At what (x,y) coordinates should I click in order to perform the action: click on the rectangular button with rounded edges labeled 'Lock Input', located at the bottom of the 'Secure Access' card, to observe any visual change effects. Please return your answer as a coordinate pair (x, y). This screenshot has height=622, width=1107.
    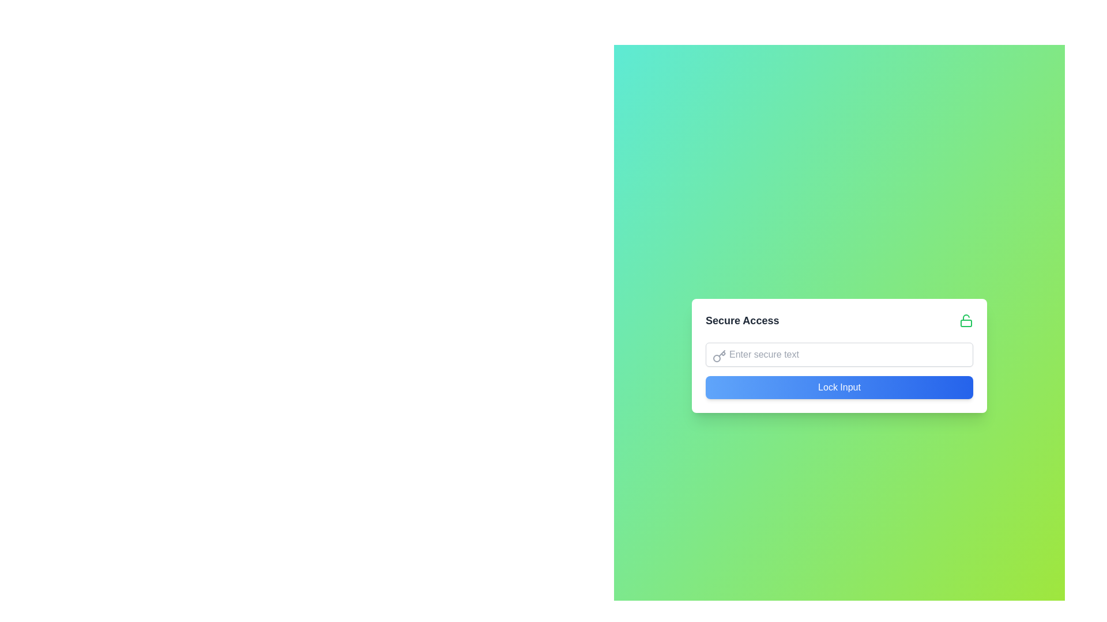
    Looking at the image, I should click on (839, 387).